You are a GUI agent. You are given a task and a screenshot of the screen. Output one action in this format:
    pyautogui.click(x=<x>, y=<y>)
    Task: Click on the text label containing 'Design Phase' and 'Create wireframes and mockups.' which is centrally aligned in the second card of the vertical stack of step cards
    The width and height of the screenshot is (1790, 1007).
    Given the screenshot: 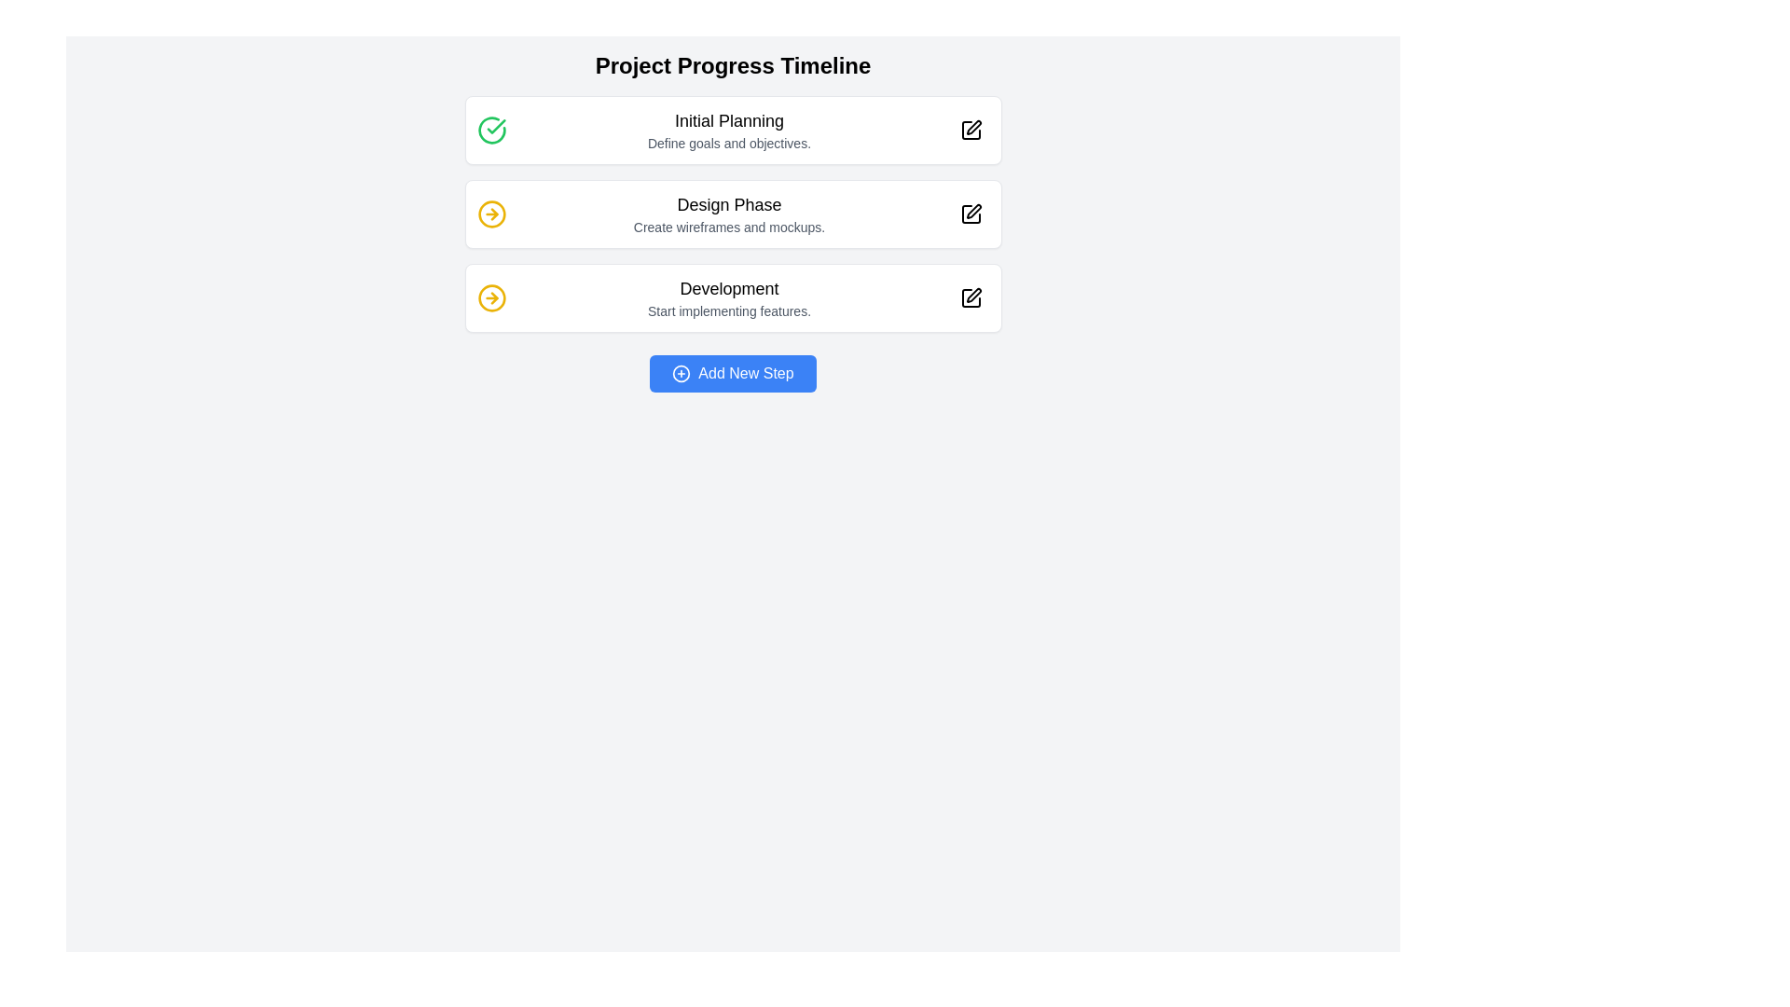 What is the action you would take?
    pyautogui.click(x=728, y=214)
    